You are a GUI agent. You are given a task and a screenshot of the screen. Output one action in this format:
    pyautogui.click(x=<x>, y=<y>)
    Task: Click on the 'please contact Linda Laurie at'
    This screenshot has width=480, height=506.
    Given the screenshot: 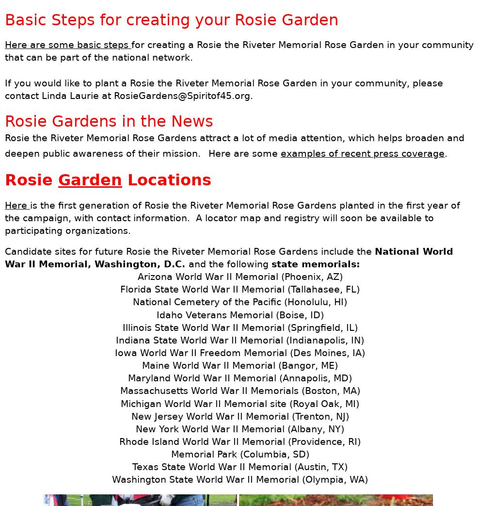 What is the action you would take?
    pyautogui.click(x=224, y=88)
    